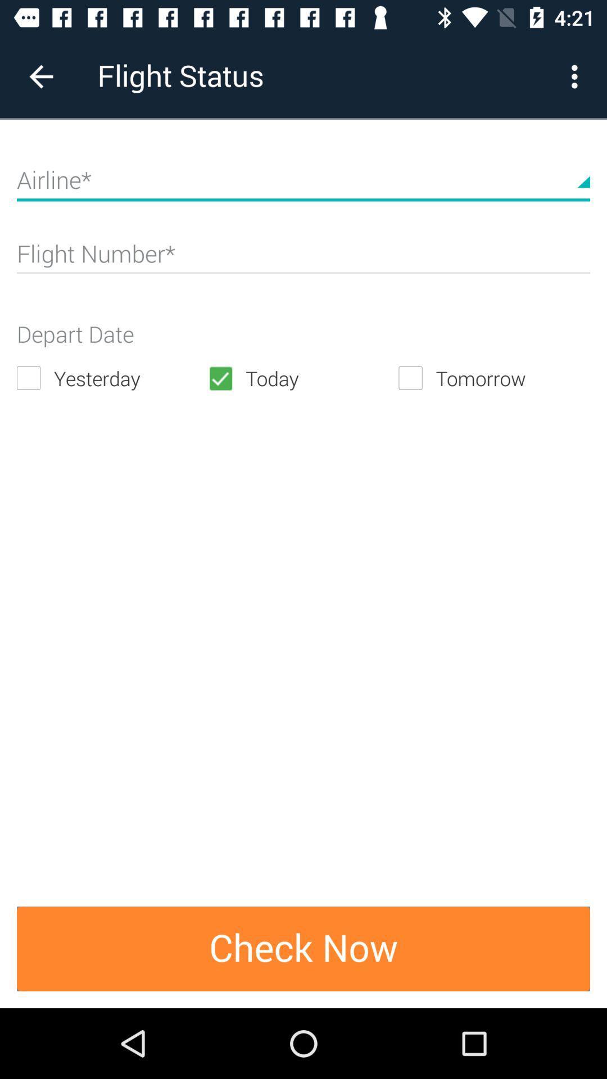 The height and width of the screenshot is (1079, 607). Describe the element at coordinates (40, 76) in the screenshot. I see `item next to flight status item` at that location.